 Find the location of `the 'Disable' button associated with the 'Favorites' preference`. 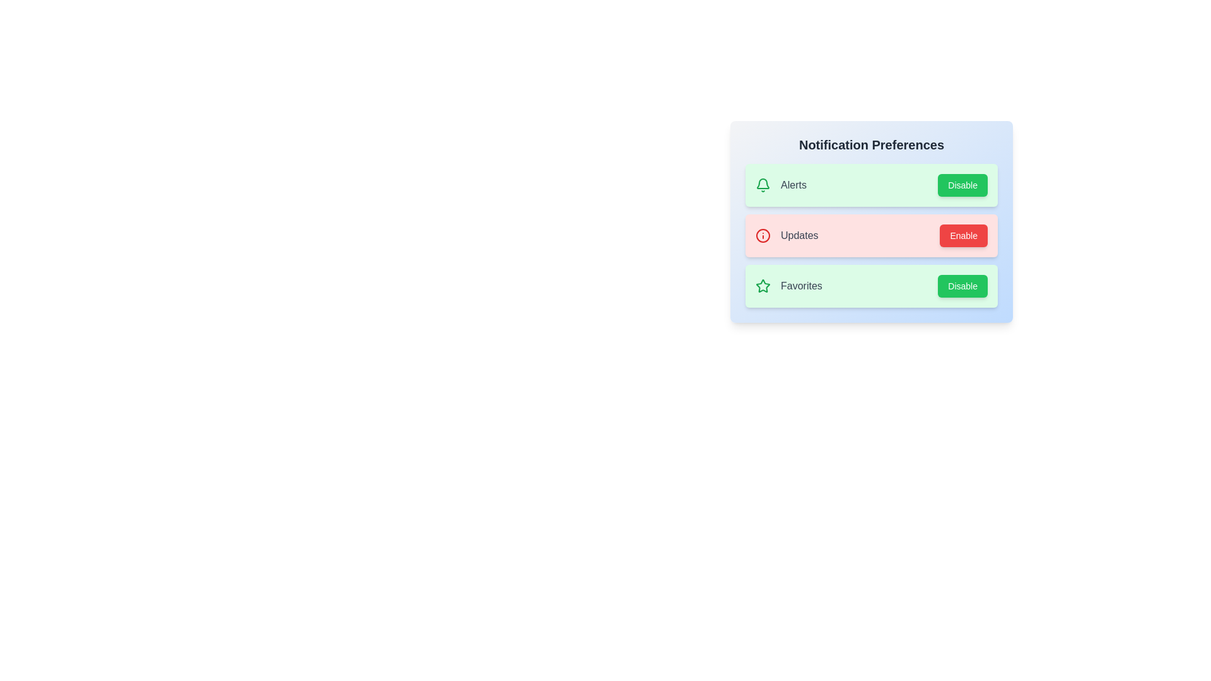

the 'Disable' button associated with the 'Favorites' preference is located at coordinates (962, 286).